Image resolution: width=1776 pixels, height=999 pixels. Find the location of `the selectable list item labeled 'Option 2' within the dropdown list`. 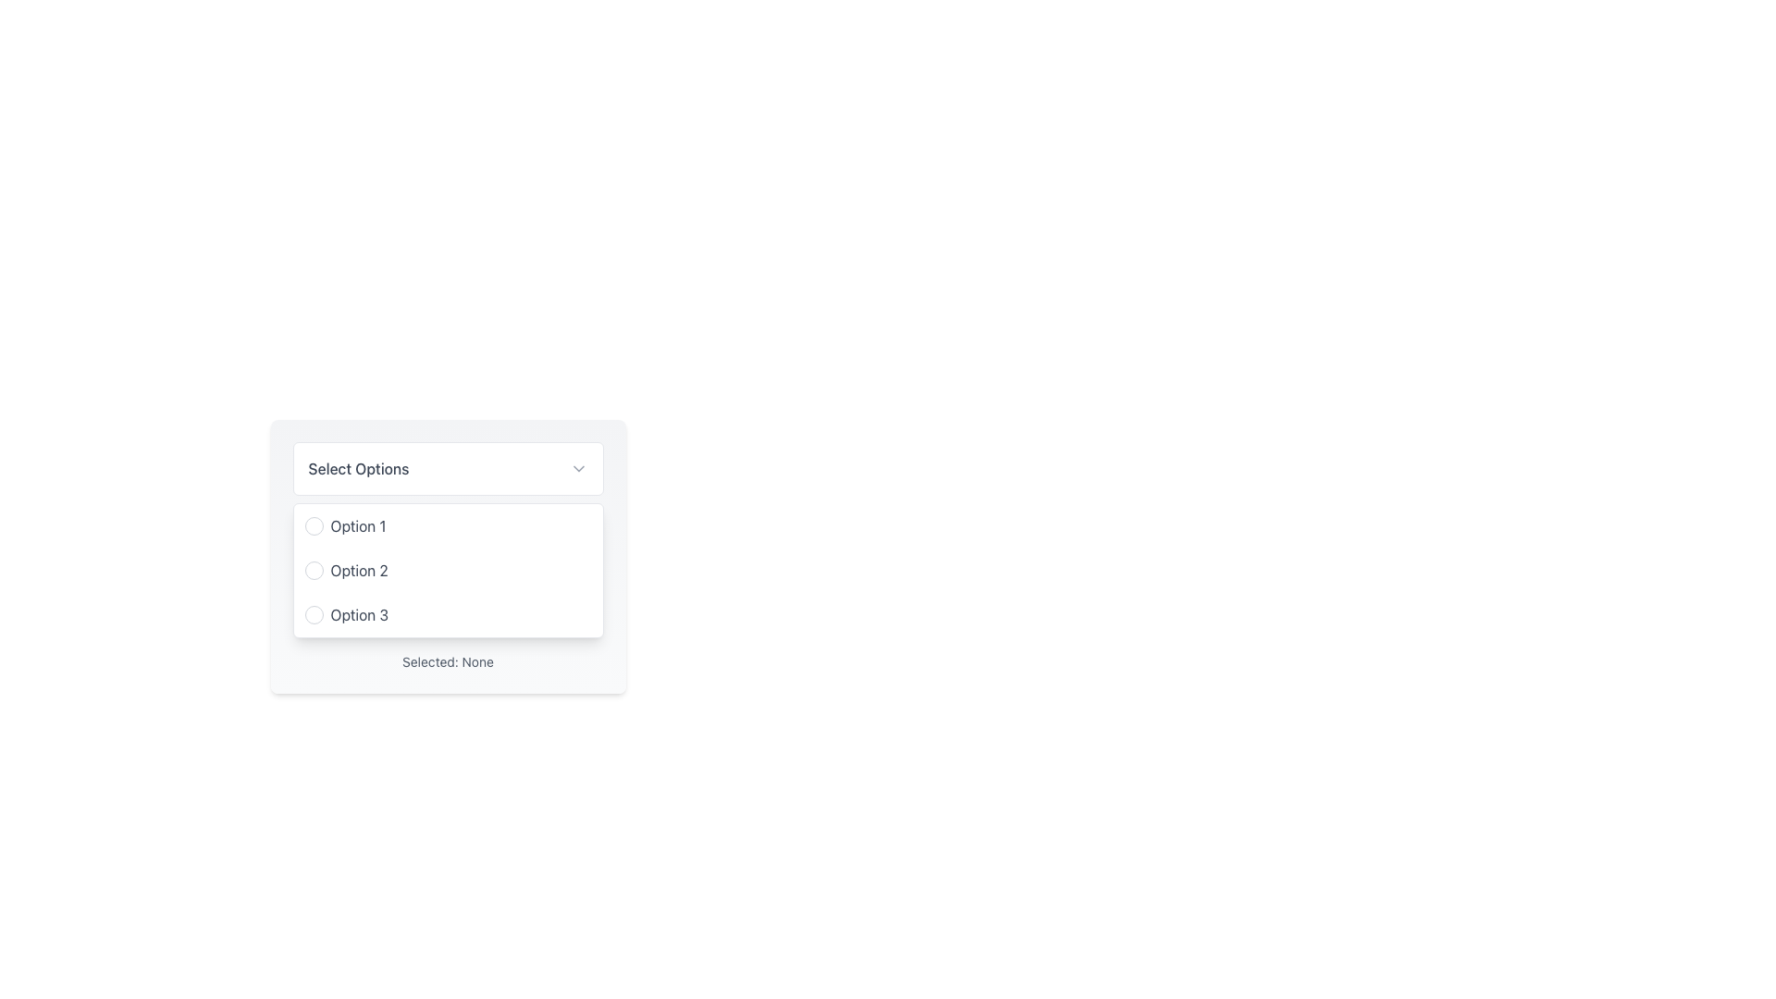

the selectable list item labeled 'Option 2' within the dropdown list is located at coordinates (448, 570).